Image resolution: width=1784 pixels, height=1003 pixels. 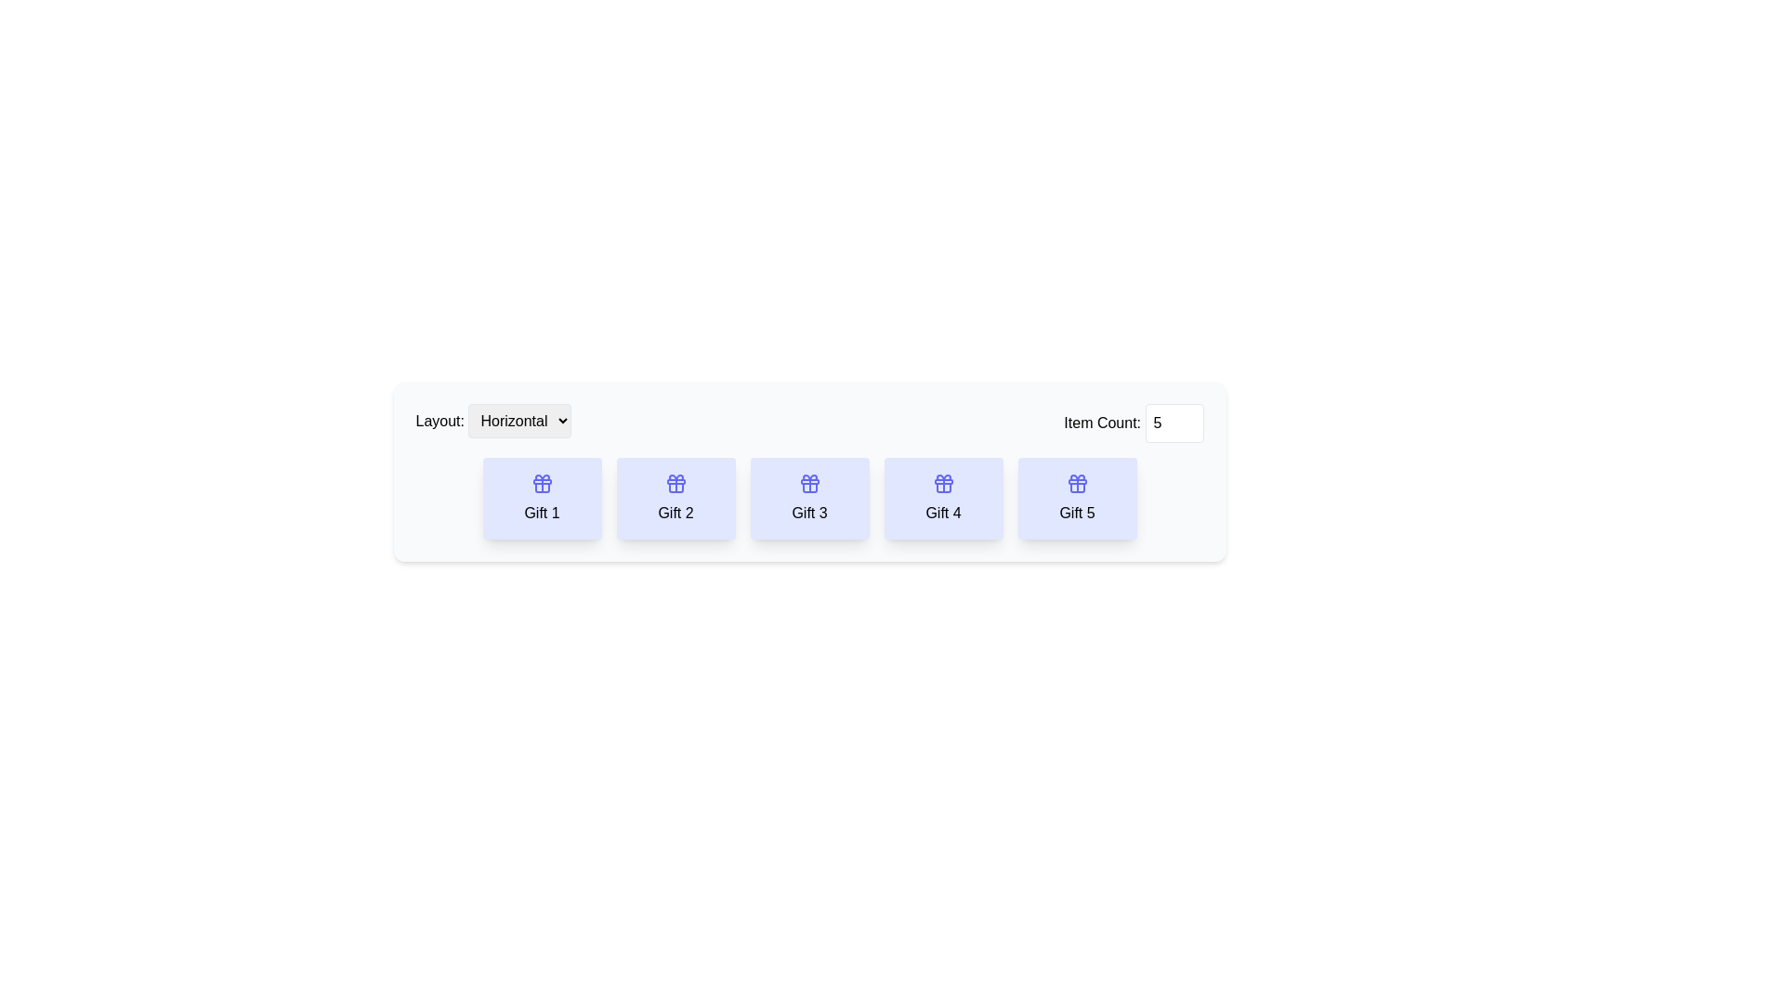 What do you see at coordinates (541, 482) in the screenshot?
I see `the gift icon located at the top-middle area of the first box in a horizontal arrangement of gift elements` at bounding box center [541, 482].